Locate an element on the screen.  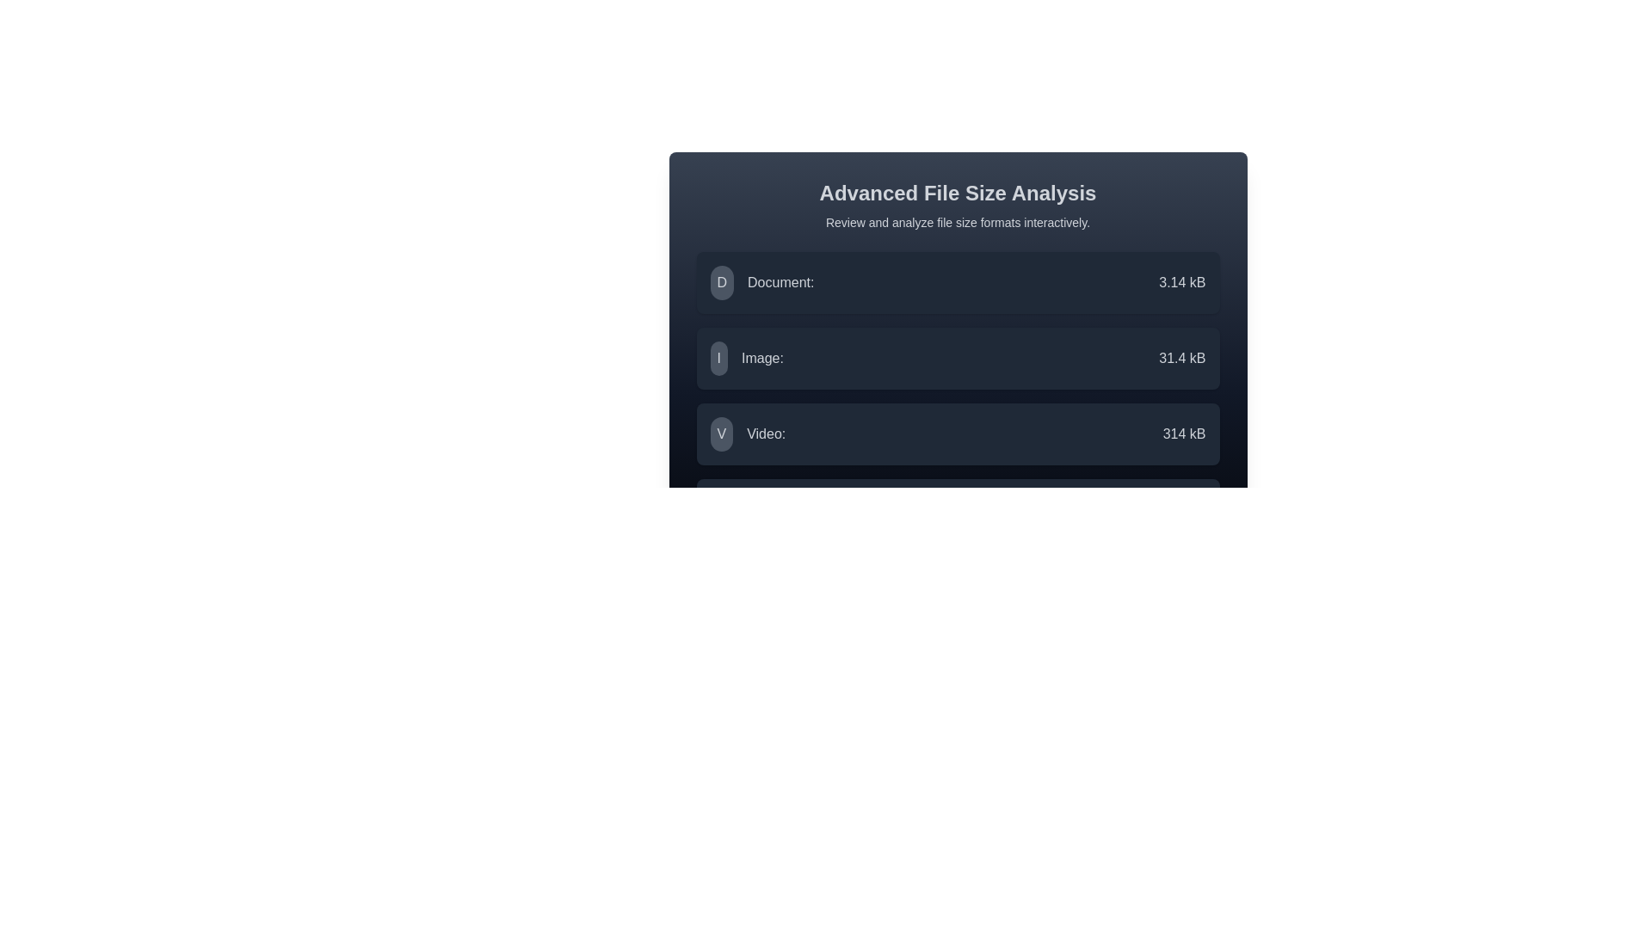
Text Label positioned below 'Document:' and above 'Video:', serving as a descriptor for related images is located at coordinates (761, 357).